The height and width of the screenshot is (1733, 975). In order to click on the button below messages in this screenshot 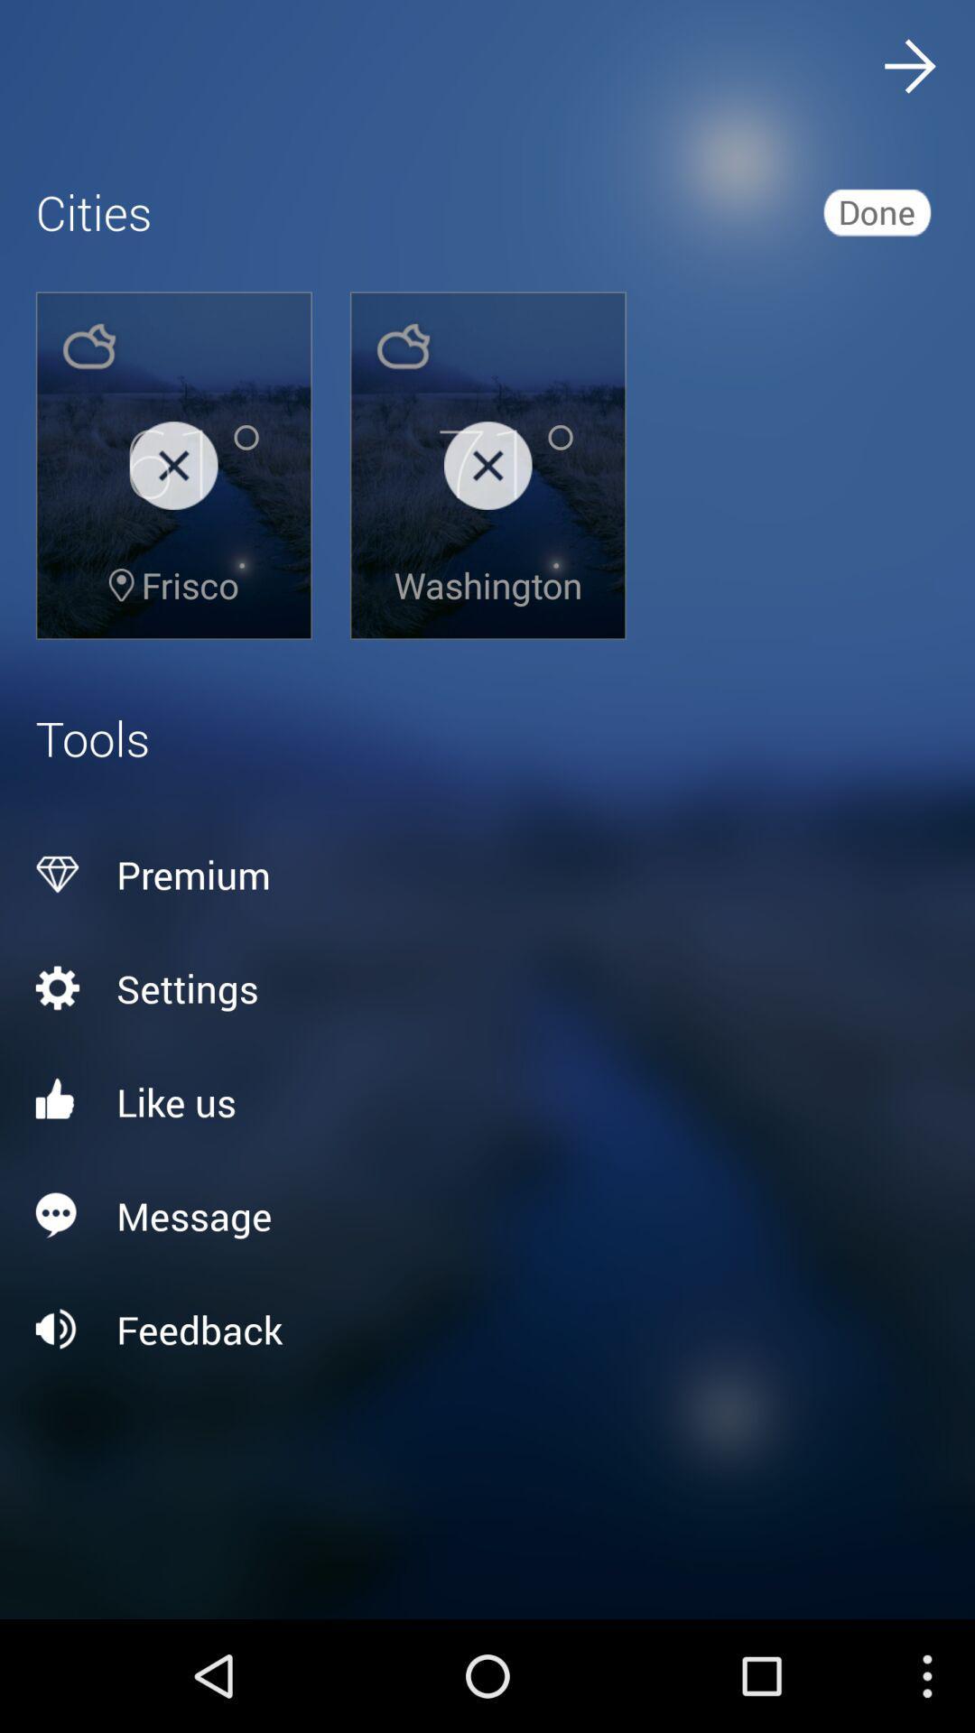, I will do `click(487, 1330)`.